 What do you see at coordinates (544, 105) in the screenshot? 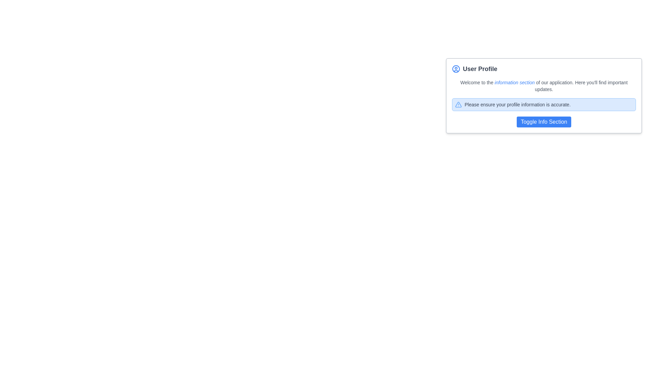
I see `the informational message section that contains a blue warning icon and the text 'Please ensure your profile information is accurate.'` at bounding box center [544, 105].